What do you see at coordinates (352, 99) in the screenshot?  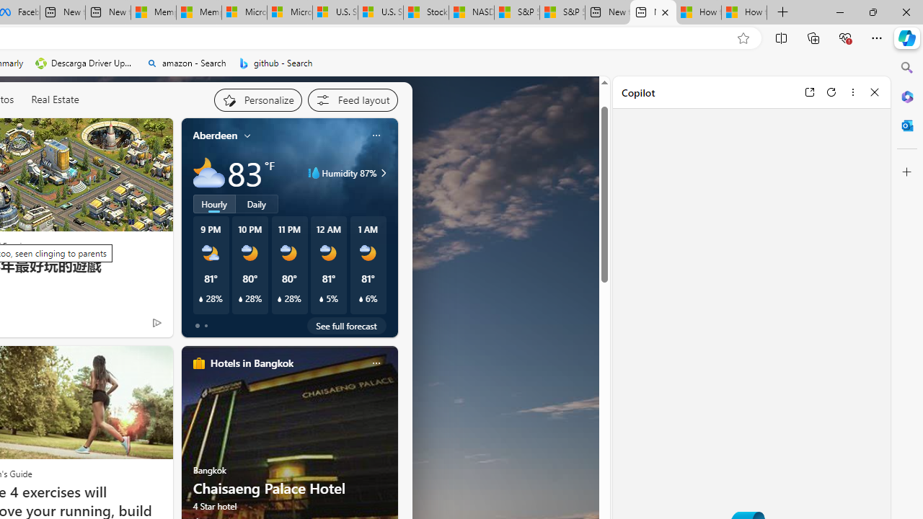 I see `'Feed settings'` at bounding box center [352, 99].